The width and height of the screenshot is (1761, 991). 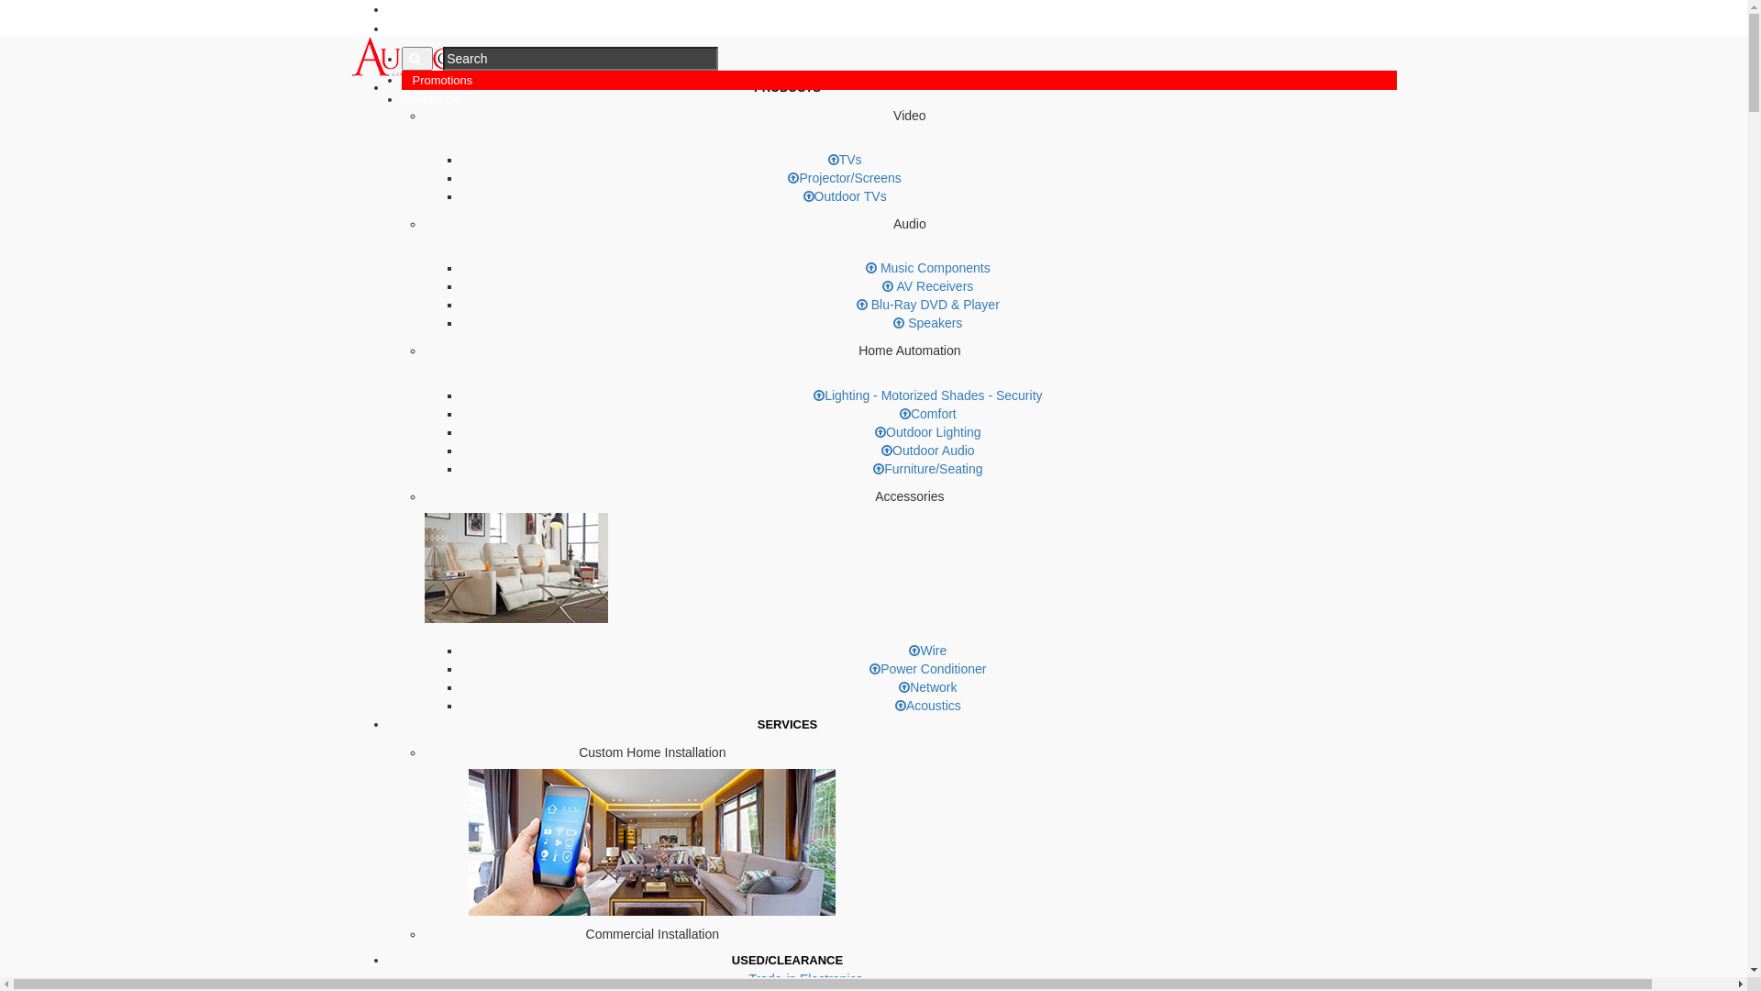 What do you see at coordinates (927, 395) in the screenshot?
I see `'Lighting - Motorized Shades - Security'` at bounding box center [927, 395].